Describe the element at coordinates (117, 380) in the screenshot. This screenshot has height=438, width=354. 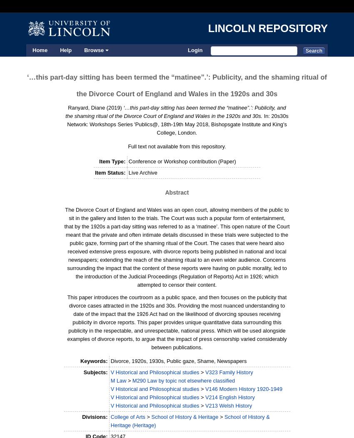
I see `'M Law'` at that location.